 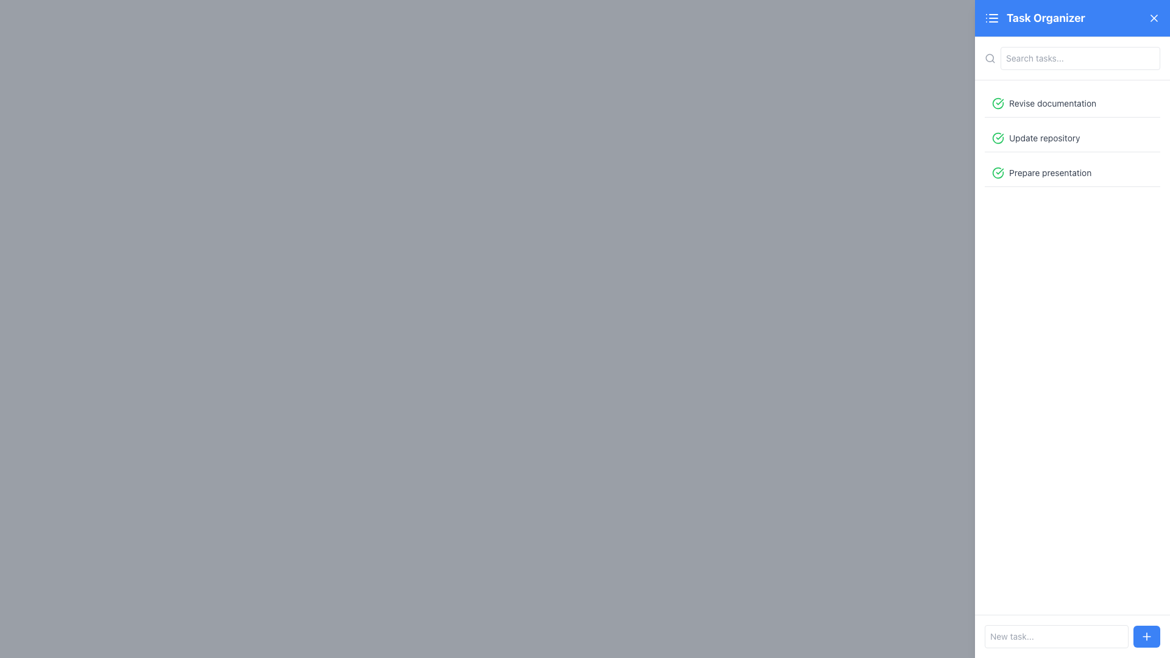 I want to click on the blue button with a white plus icon located at the far-right side of the input field titled 'New task...', so click(x=1146, y=636).